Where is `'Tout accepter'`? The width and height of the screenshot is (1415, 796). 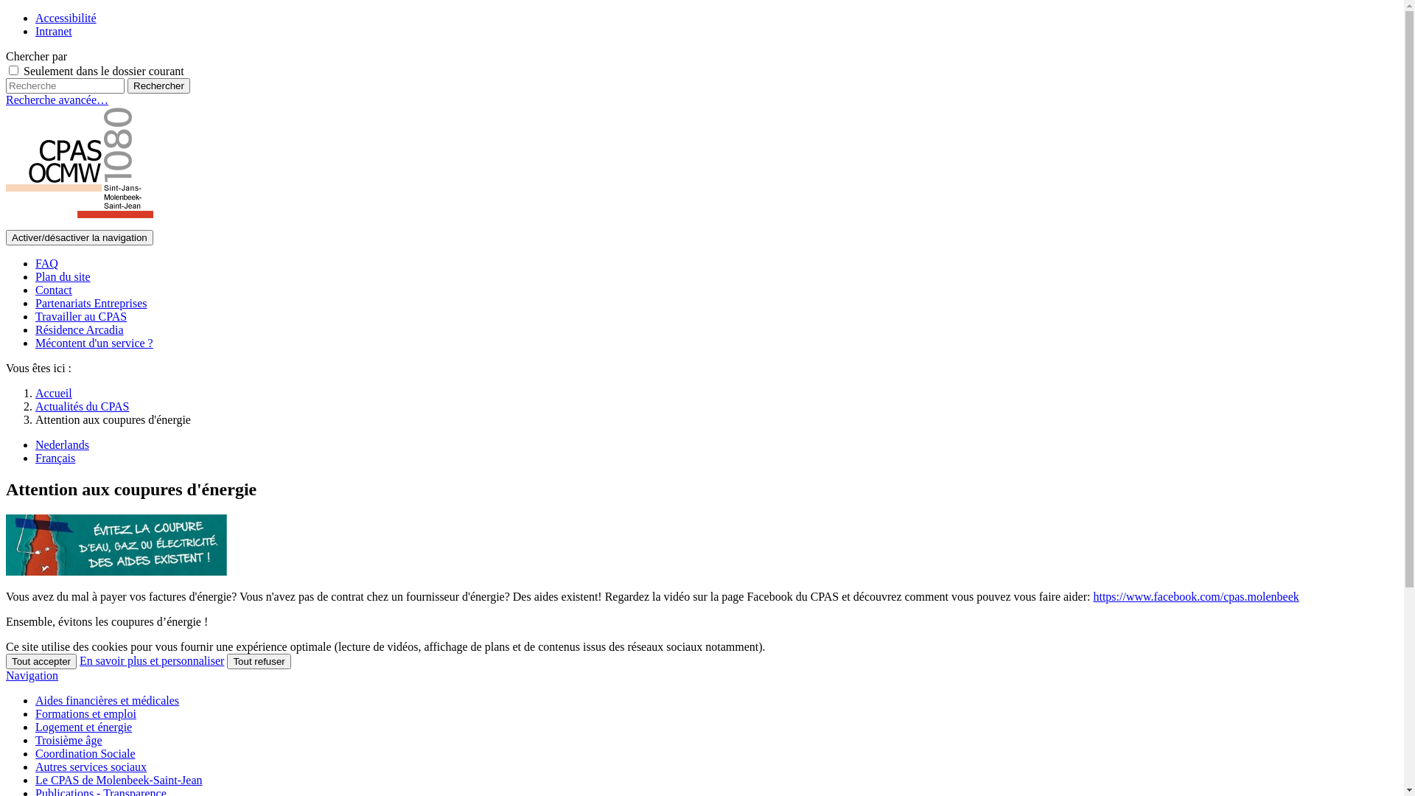 'Tout accepter' is located at coordinates (41, 660).